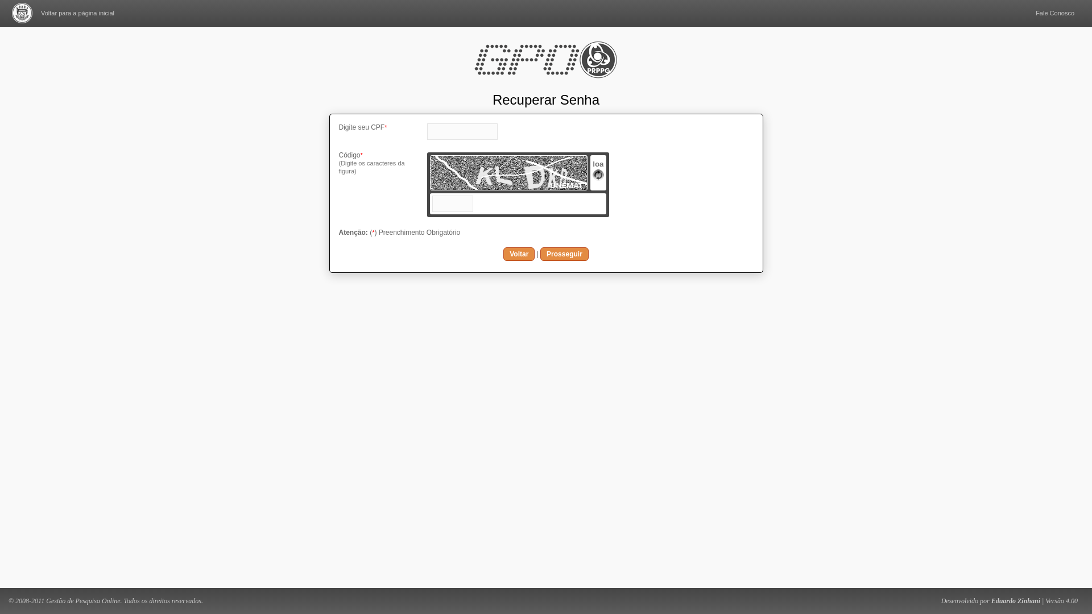 Image resolution: width=1092 pixels, height=614 pixels. Describe the element at coordinates (22, 13) in the screenshot. I see `'Universidade do Estado de Mato Grosso'` at that location.